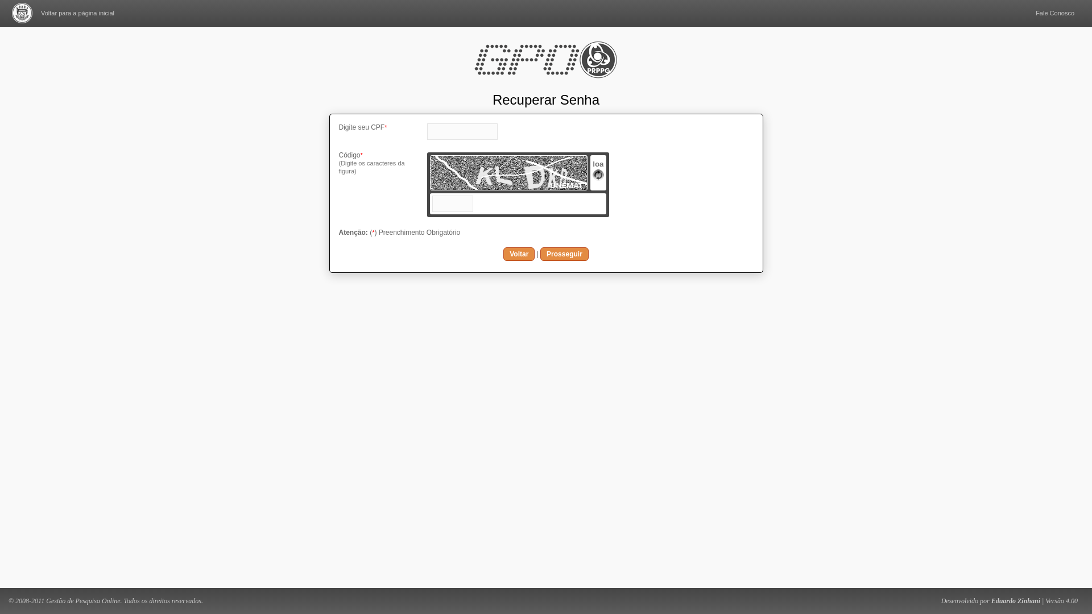 Image resolution: width=1092 pixels, height=614 pixels. Describe the element at coordinates (22, 13) in the screenshot. I see `'Universidade do Estado de Mato Grosso'` at that location.